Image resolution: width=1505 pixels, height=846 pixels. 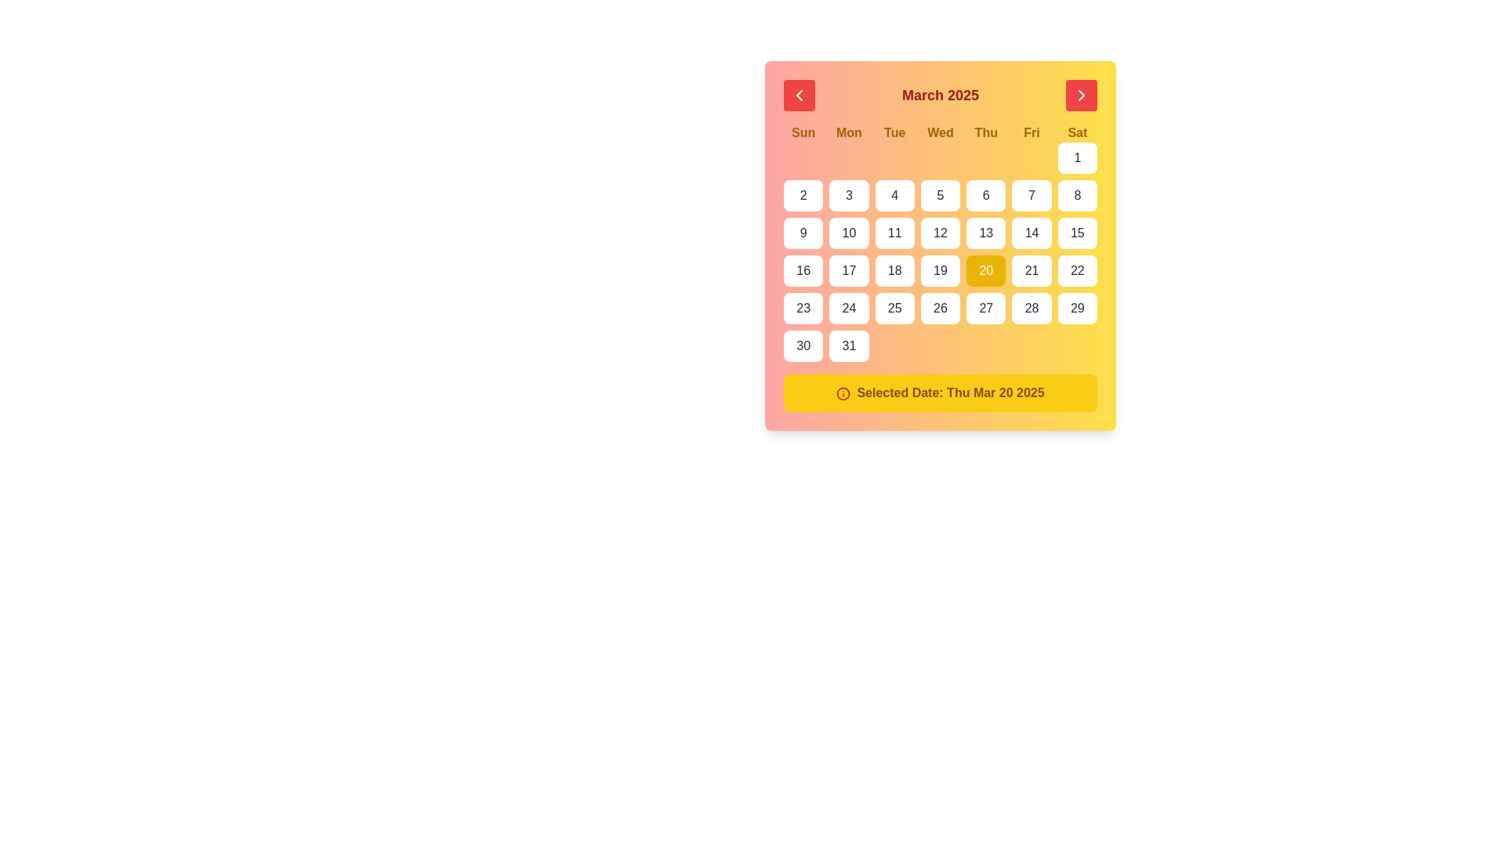 What do you see at coordinates (799, 96) in the screenshot?
I see `the navigation button located on the left side of the header section of the calendar, which appears before the text 'March 2025'` at bounding box center [799, 96].